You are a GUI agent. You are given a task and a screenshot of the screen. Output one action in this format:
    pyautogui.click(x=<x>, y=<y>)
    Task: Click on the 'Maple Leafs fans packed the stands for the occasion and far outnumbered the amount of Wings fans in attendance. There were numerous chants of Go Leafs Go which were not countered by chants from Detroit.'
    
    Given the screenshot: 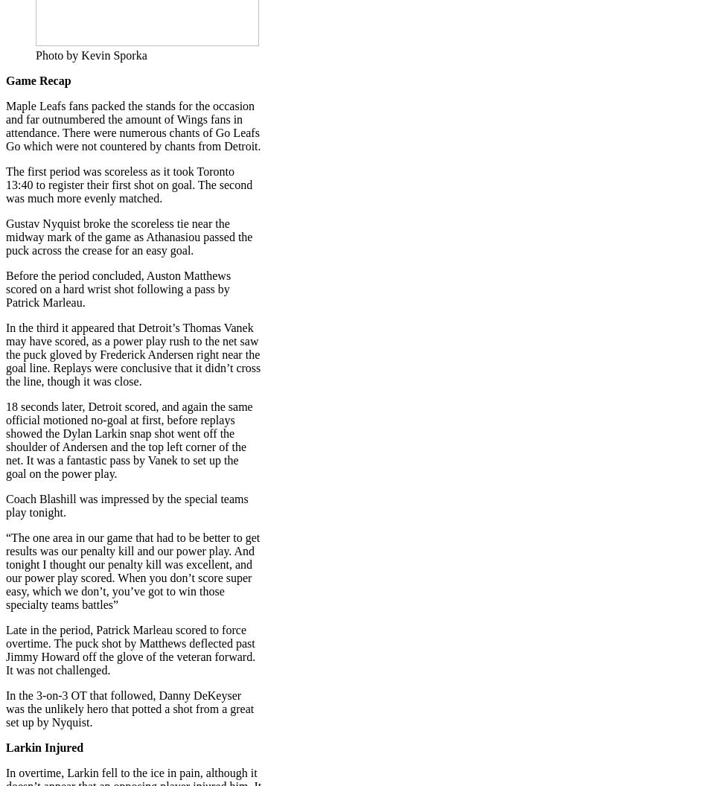 What is the action you would take?
    pyautogui.click(x=132, y=126)
    